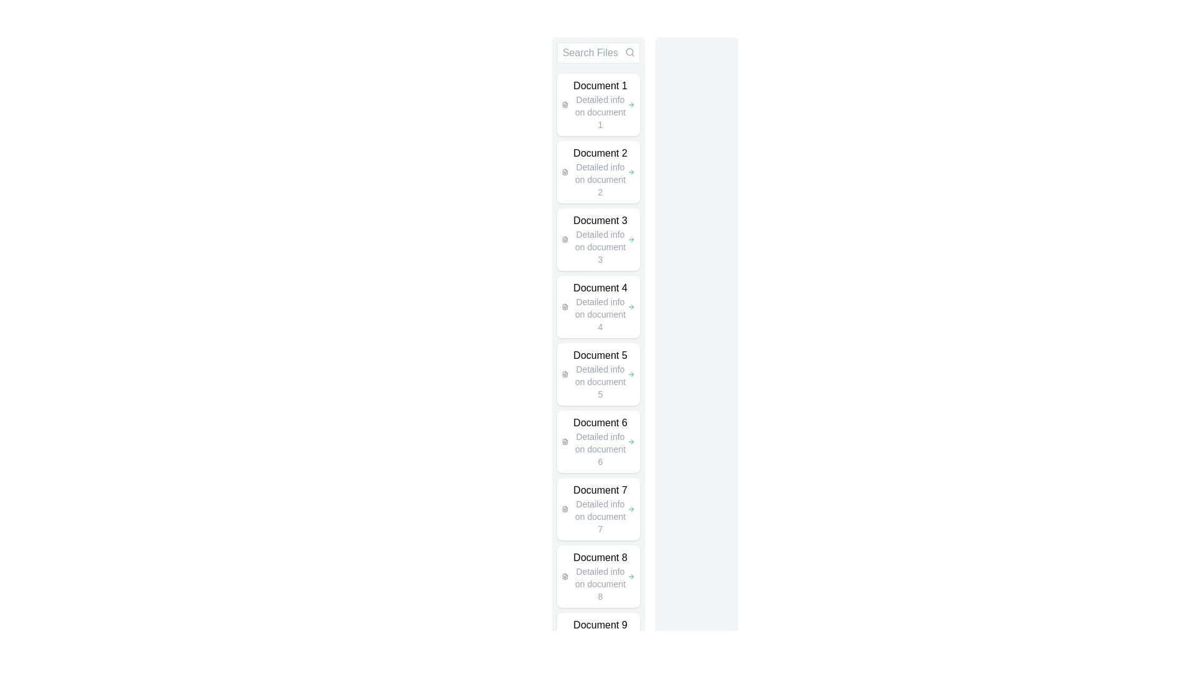  What do you see at coordinates (598, 172) in the screenshot?
I see `the second card item entry in the list` at bounding box center [598, 172].